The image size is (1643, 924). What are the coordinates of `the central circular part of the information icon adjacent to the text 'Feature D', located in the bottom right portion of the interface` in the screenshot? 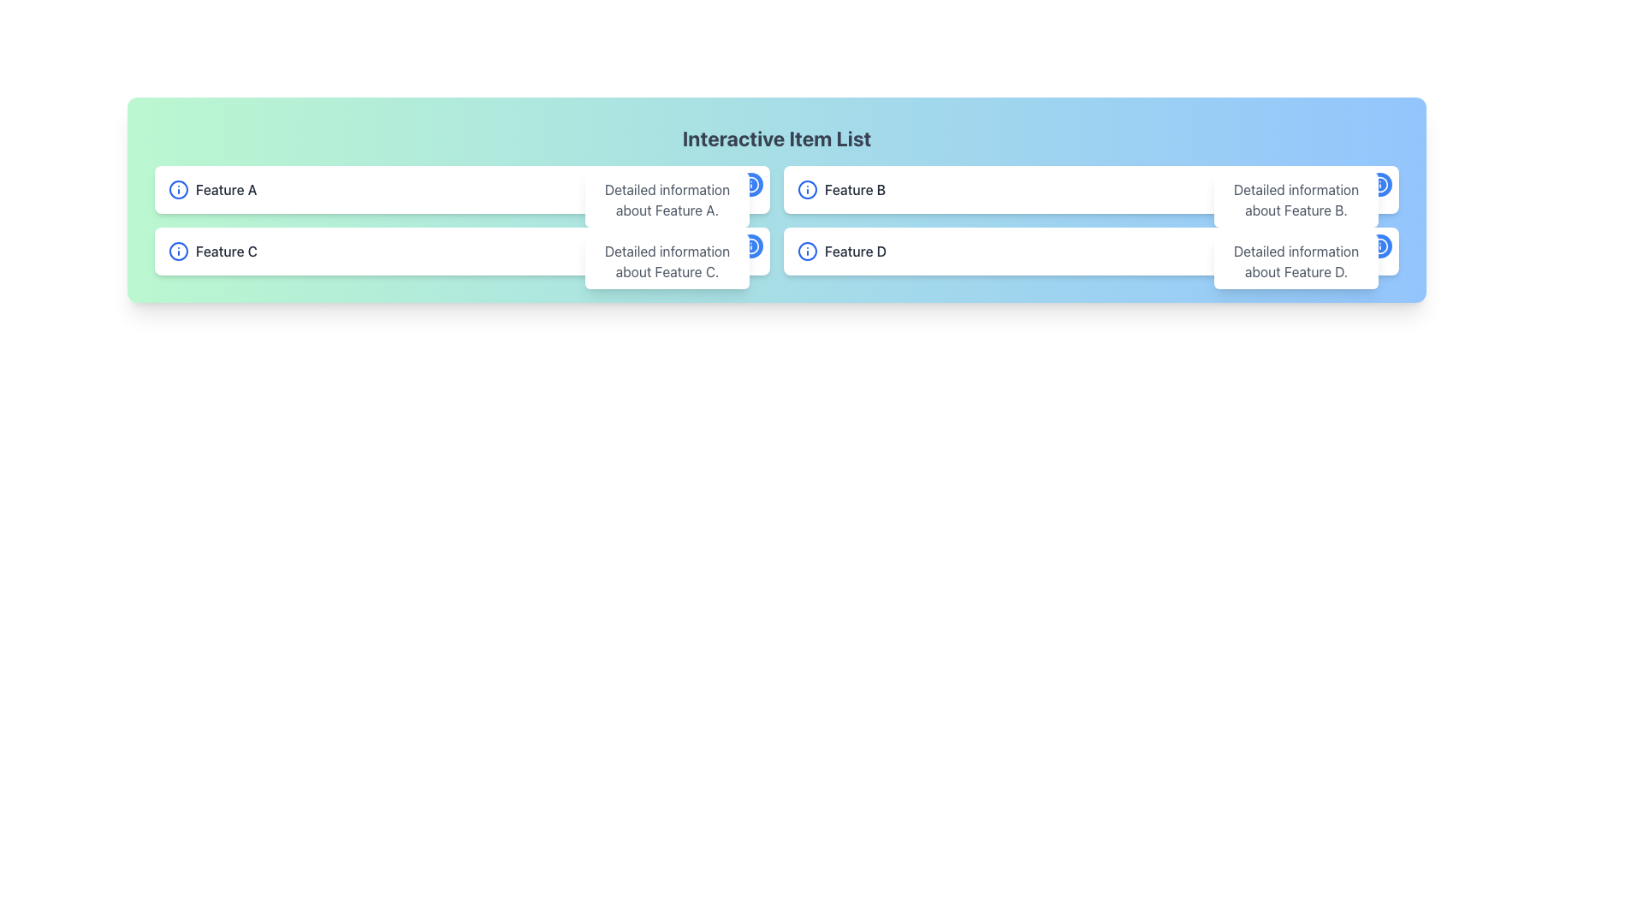 It's located at (807, 251).